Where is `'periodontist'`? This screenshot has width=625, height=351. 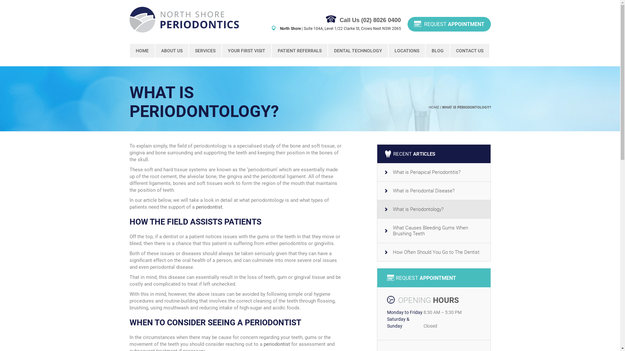
'periodontist' is located at coordinates (209, 207).